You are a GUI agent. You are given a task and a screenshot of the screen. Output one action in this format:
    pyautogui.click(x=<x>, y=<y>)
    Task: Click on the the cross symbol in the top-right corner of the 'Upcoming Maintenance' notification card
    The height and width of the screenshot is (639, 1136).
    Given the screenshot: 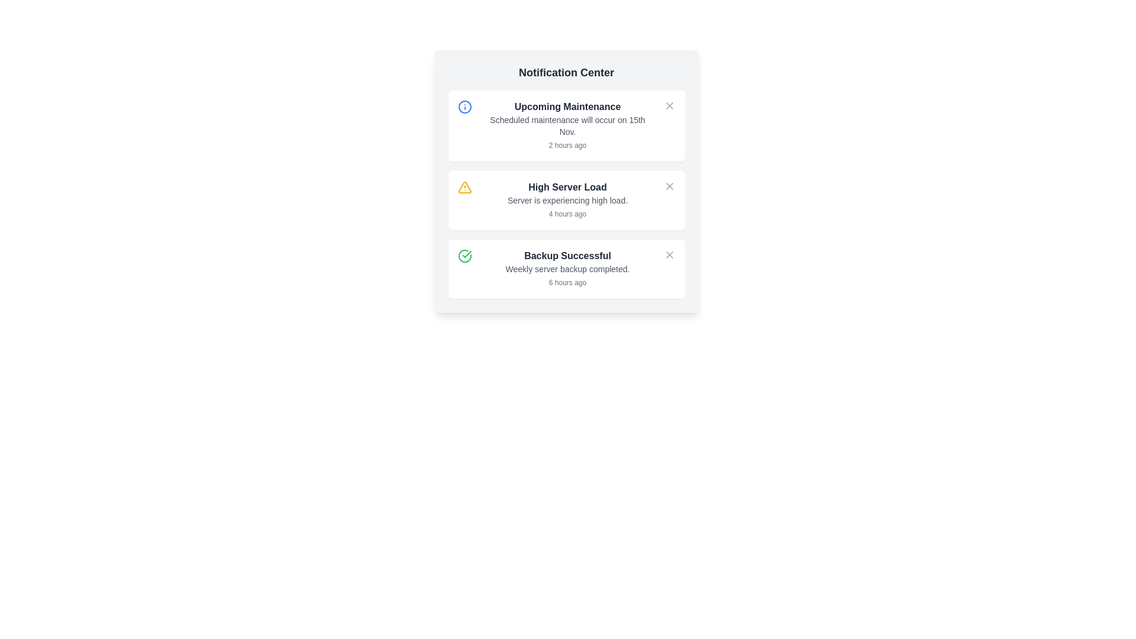 What is the action you would take?
    pyautogui.click(x=669, y=105)
    